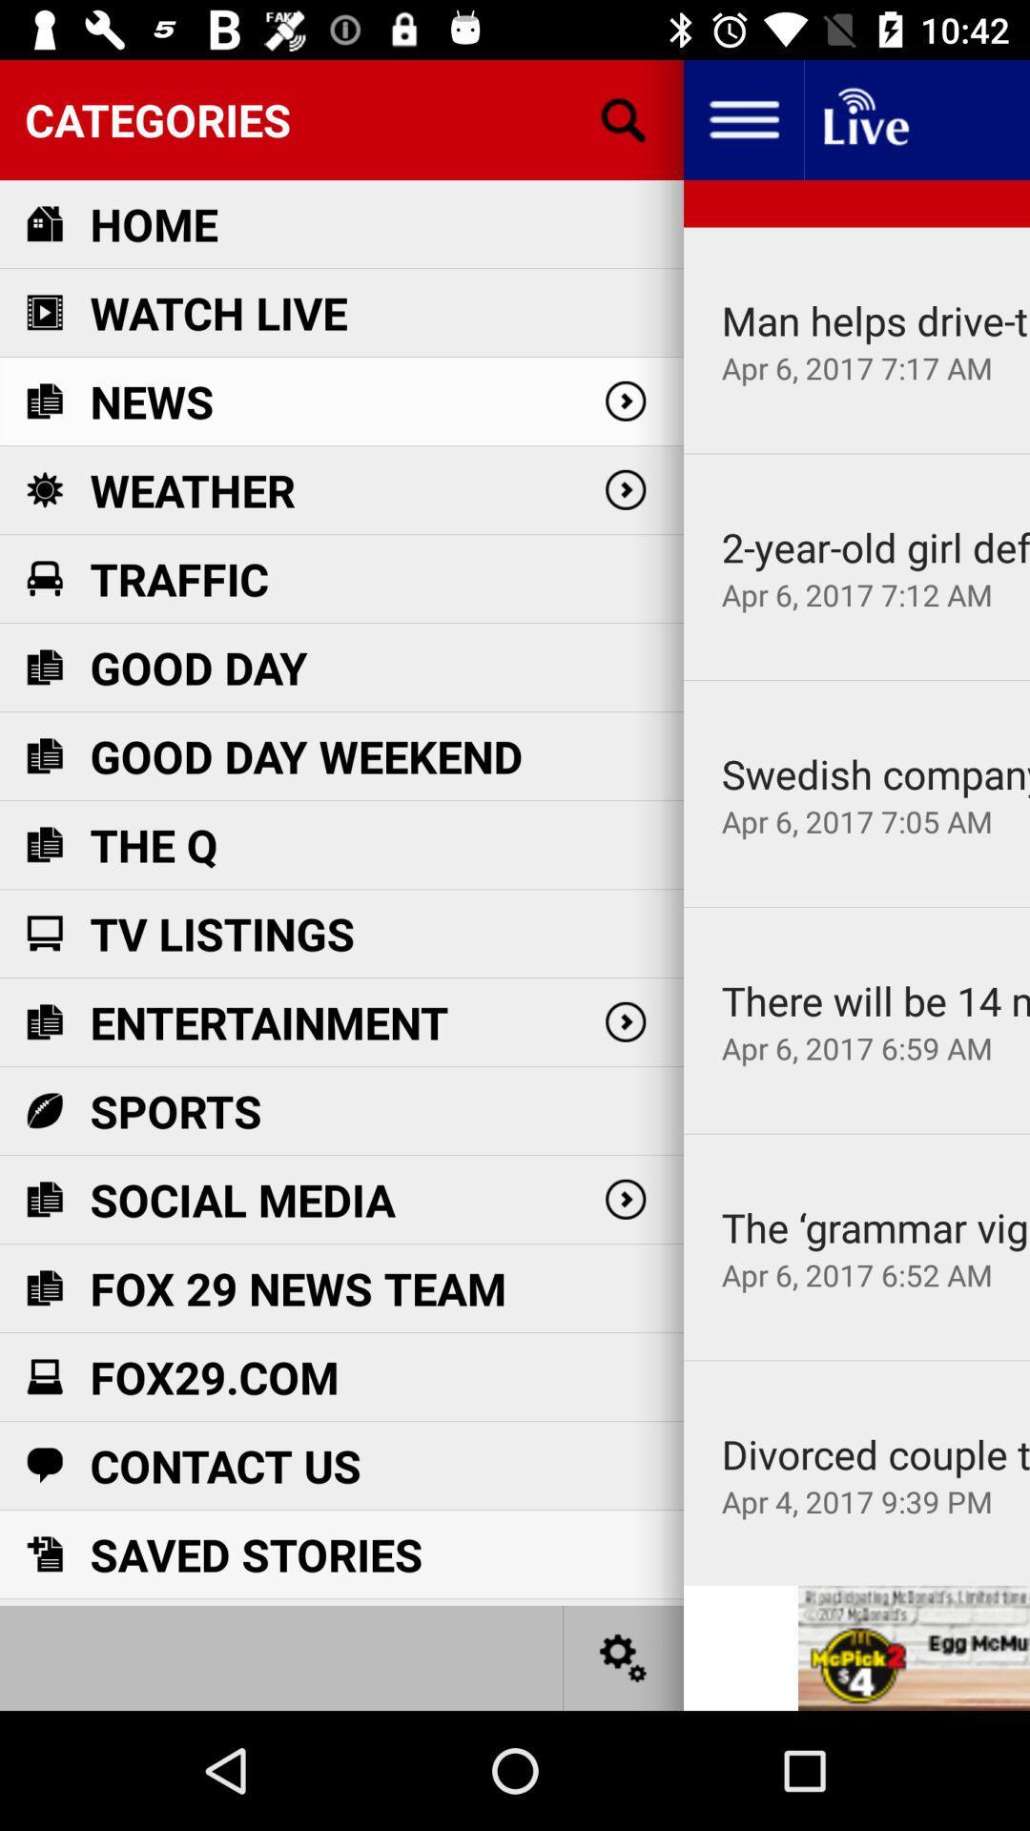 The height and width of the screenshot is (1831, 1030). What do you see at coordinates (624, 1656) in the screenshot?
I see `the settings icon` at bounding box center [624, 1656].